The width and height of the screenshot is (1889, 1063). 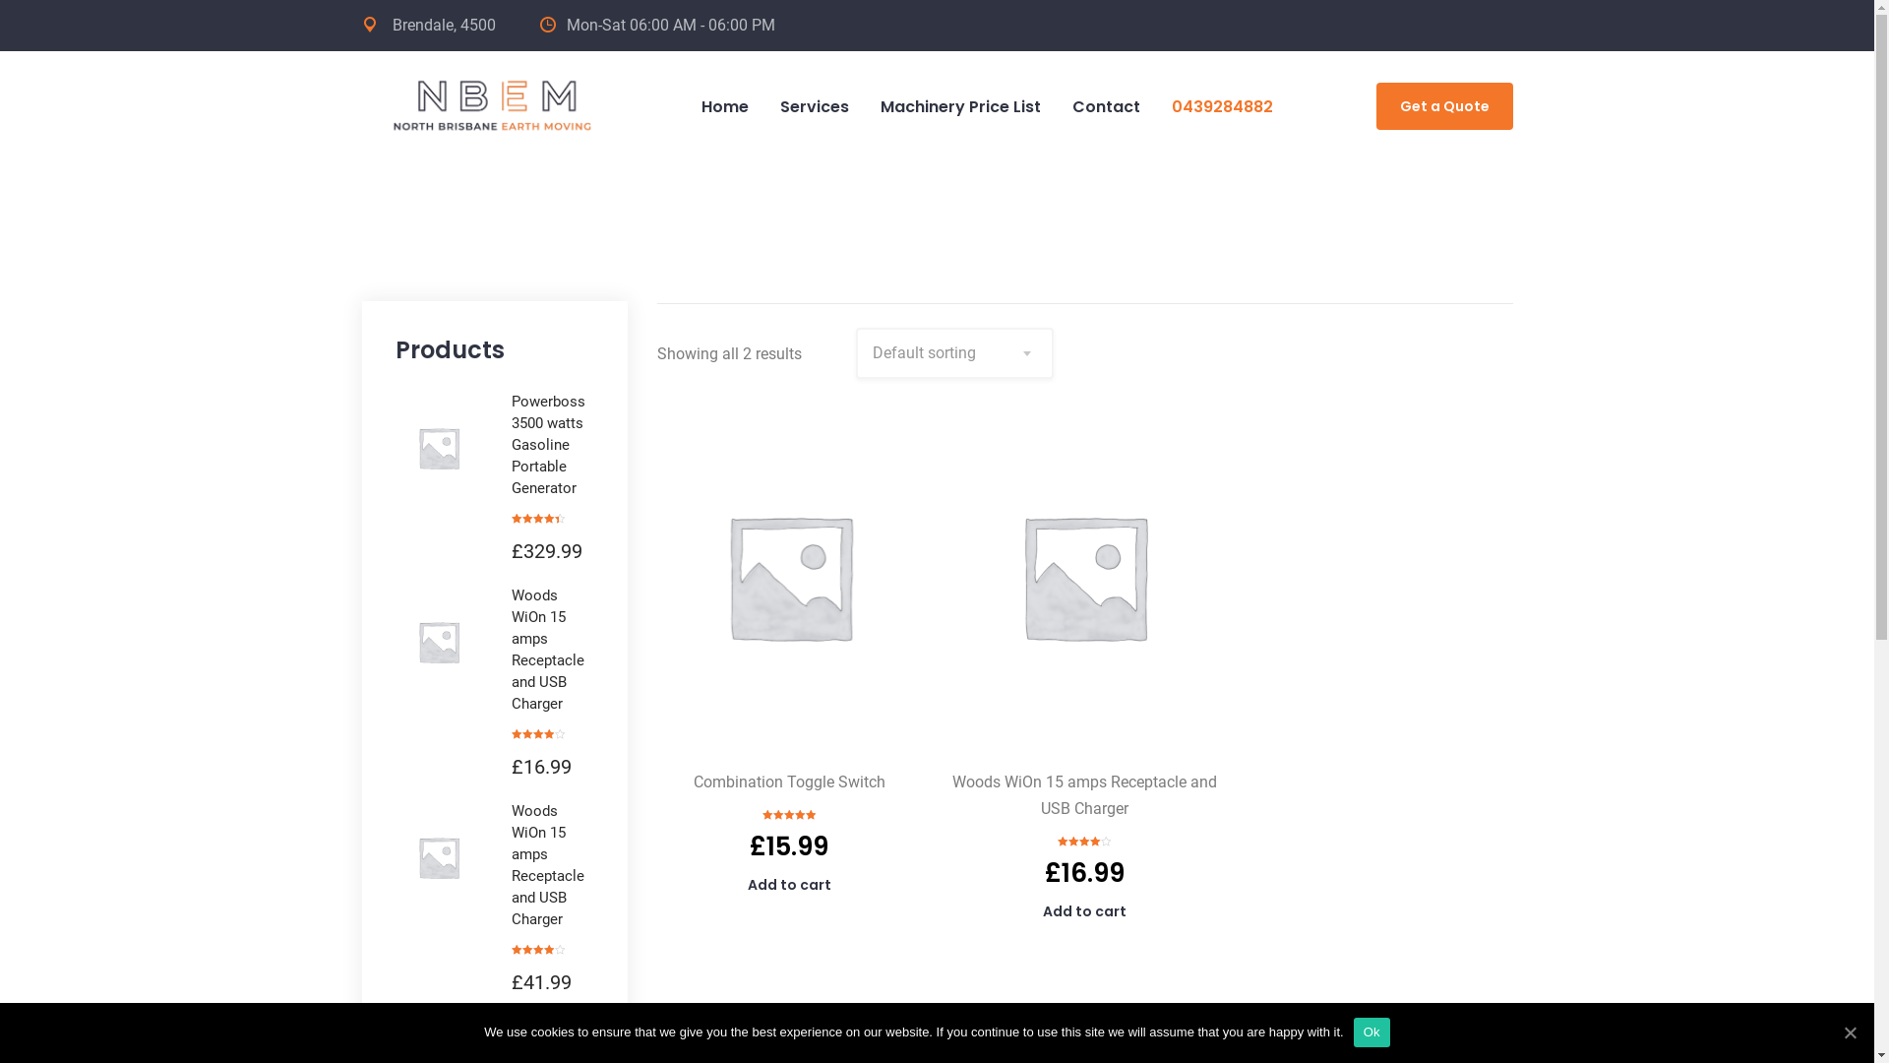 I want to click on 'Powerboss 3500 watts Gasoline Portable Generator', so click(x=551, y=444).